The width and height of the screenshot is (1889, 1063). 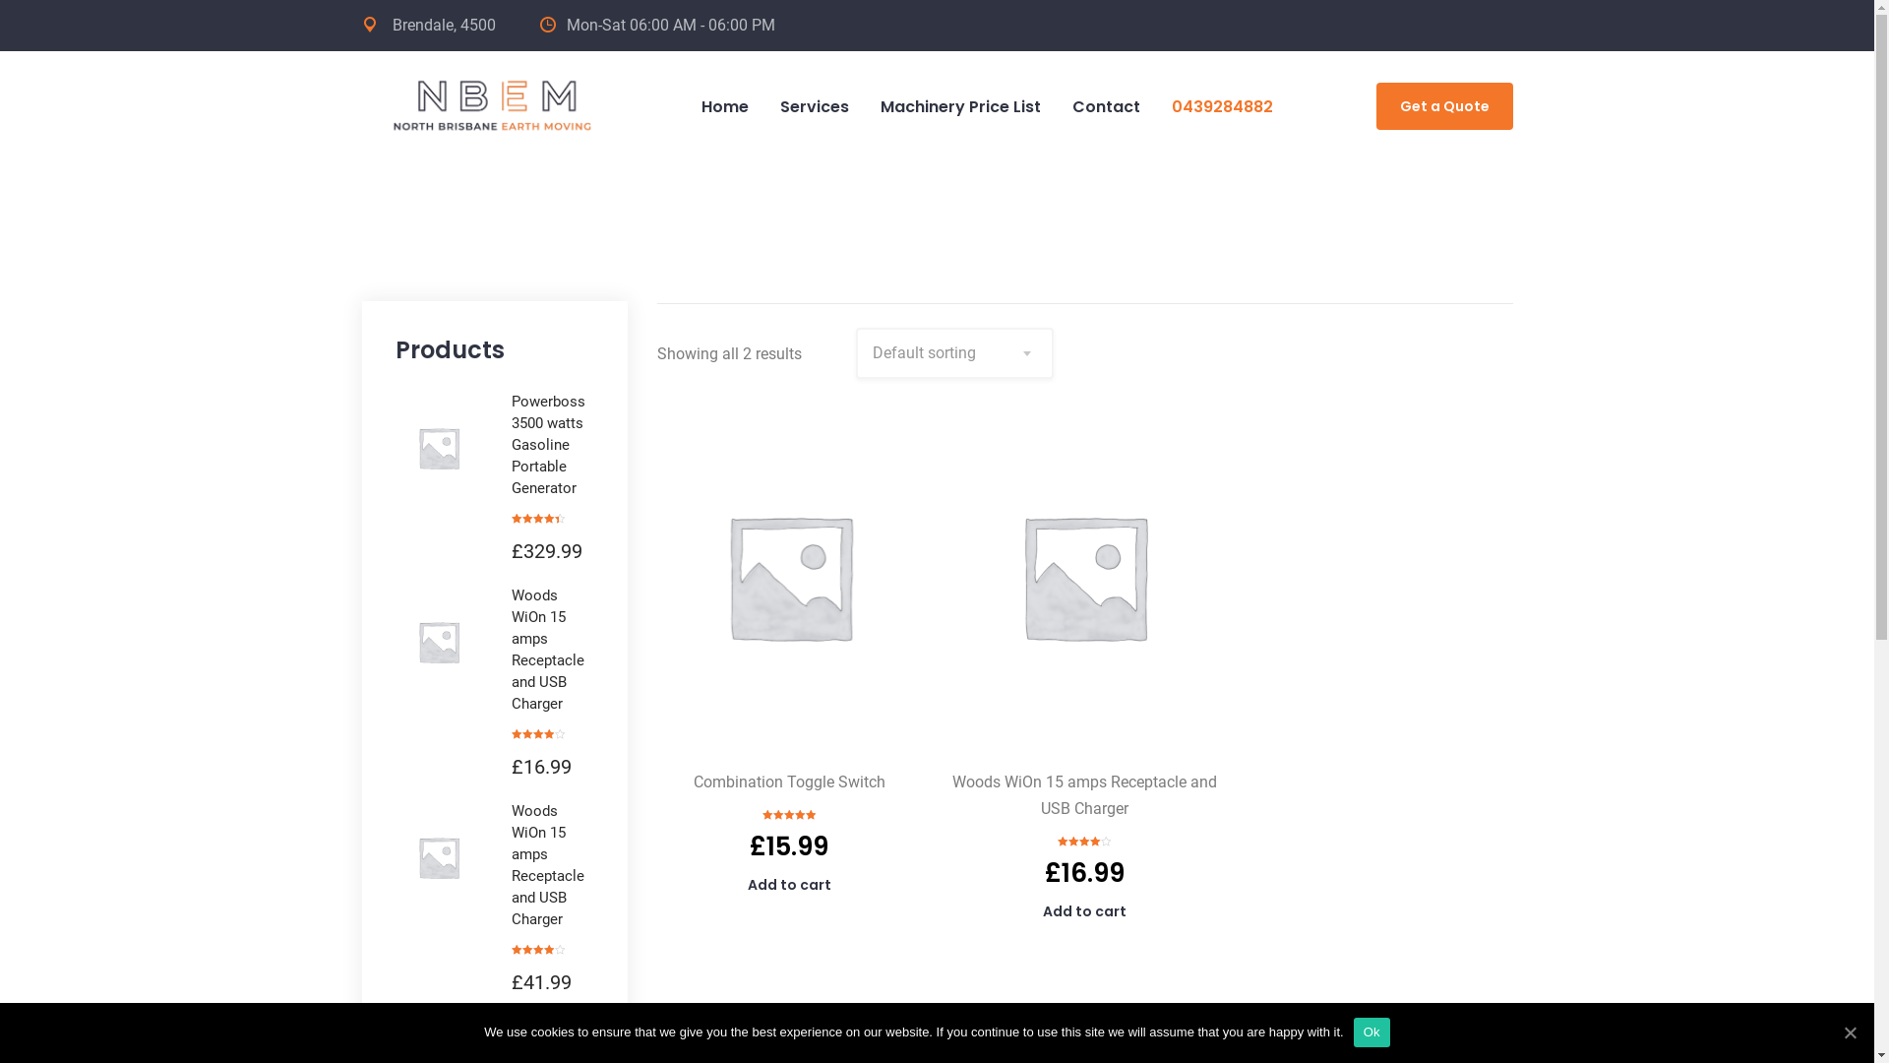 I want to click on 'Powerboss 3500 watts Gasoline Portable Generator', so click(x=551, y=444).